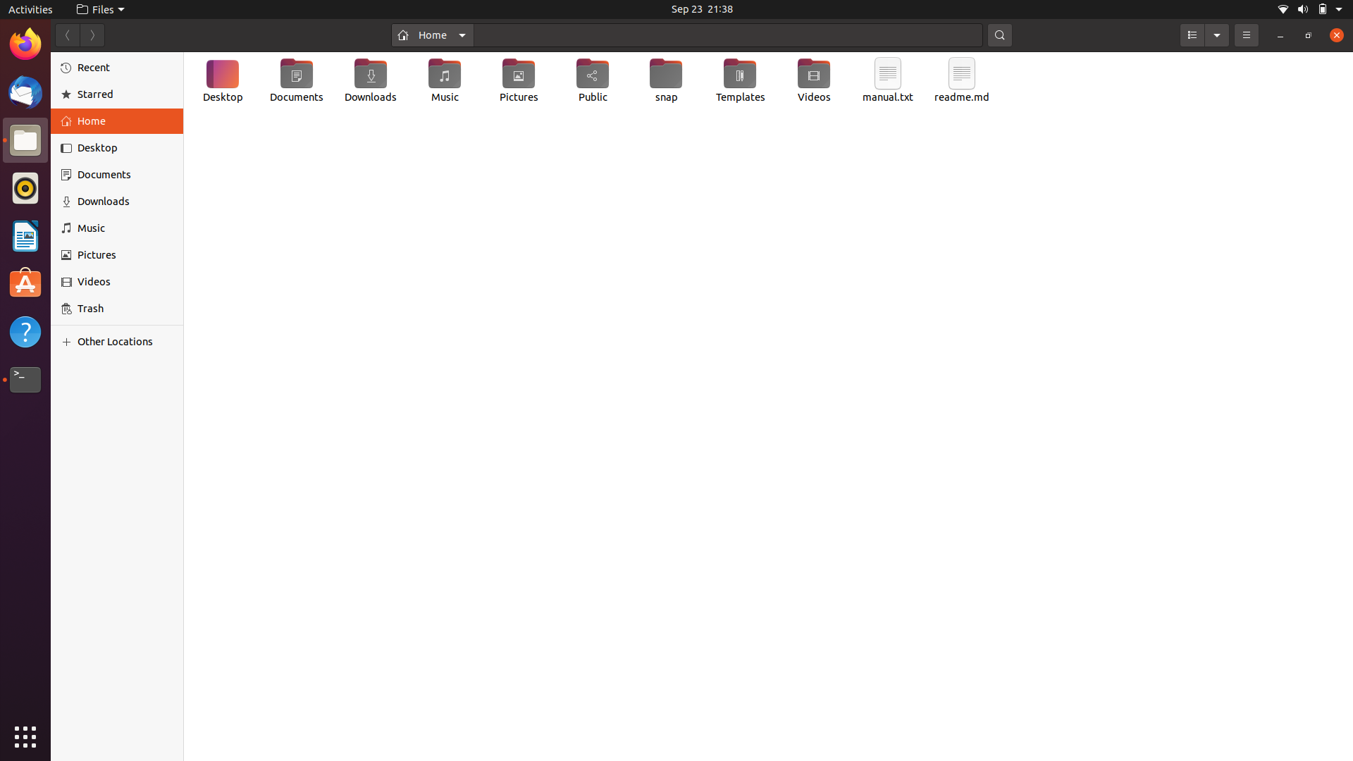 This screenshot has height=761, width=1353. Describe the element at coordinates (729, 33) in the screenshot. I see `Search for "helloworld.txt` at that location.